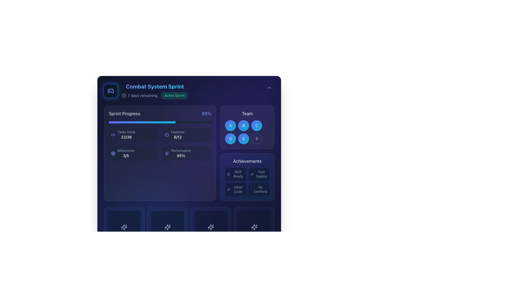 Image resolution: width=525 pixels, height=295 pixels. What do you see at coordinates (211, 227) in the screenshot?
I see `star icon within the fourth interactive card, which has a gradient background from indigo to cyan and is located at the bottom section of the interface` at bounding box center [211, 227].